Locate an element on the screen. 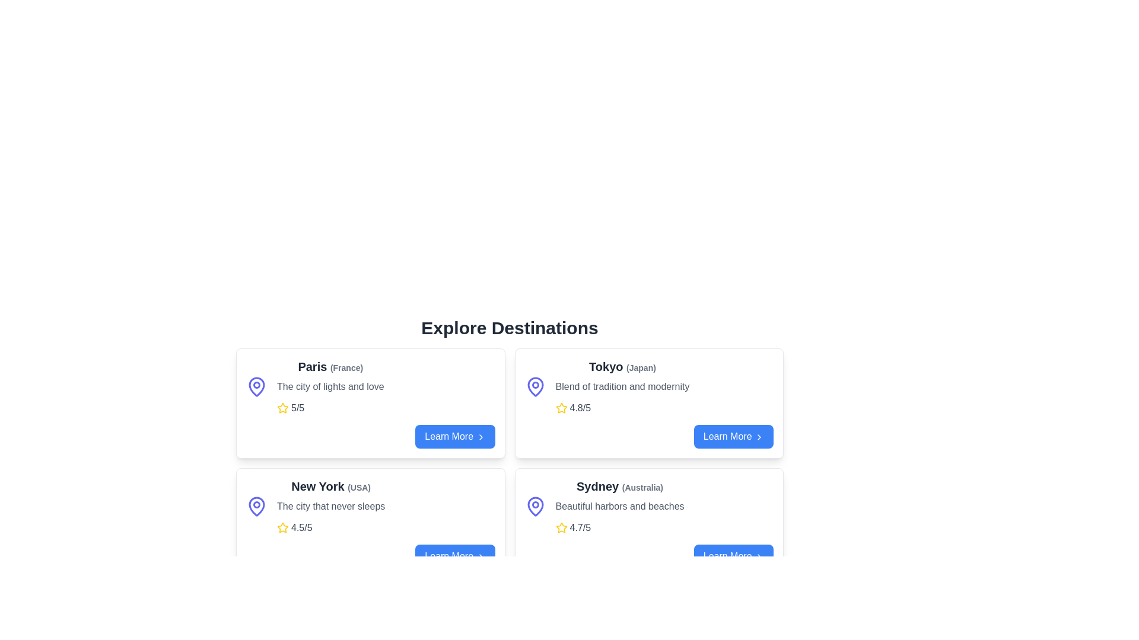 The image size is (1139, 640). the button located in the bottom right corner of the New York (USA) card to observe the hover state is located at coordinates (454, 556).